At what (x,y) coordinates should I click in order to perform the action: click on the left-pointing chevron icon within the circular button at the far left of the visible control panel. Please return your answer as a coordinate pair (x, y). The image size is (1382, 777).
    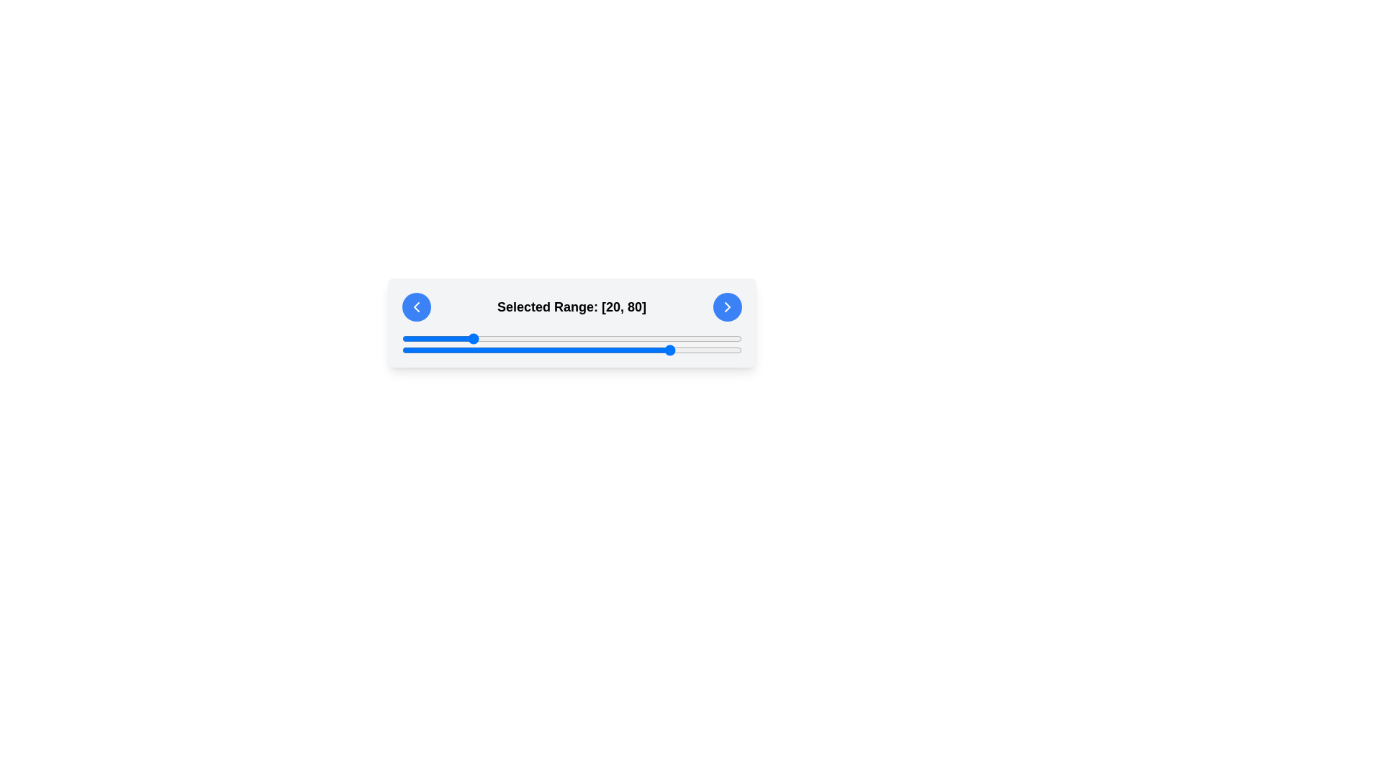
    Looking at the image, I should click on (415, 306).